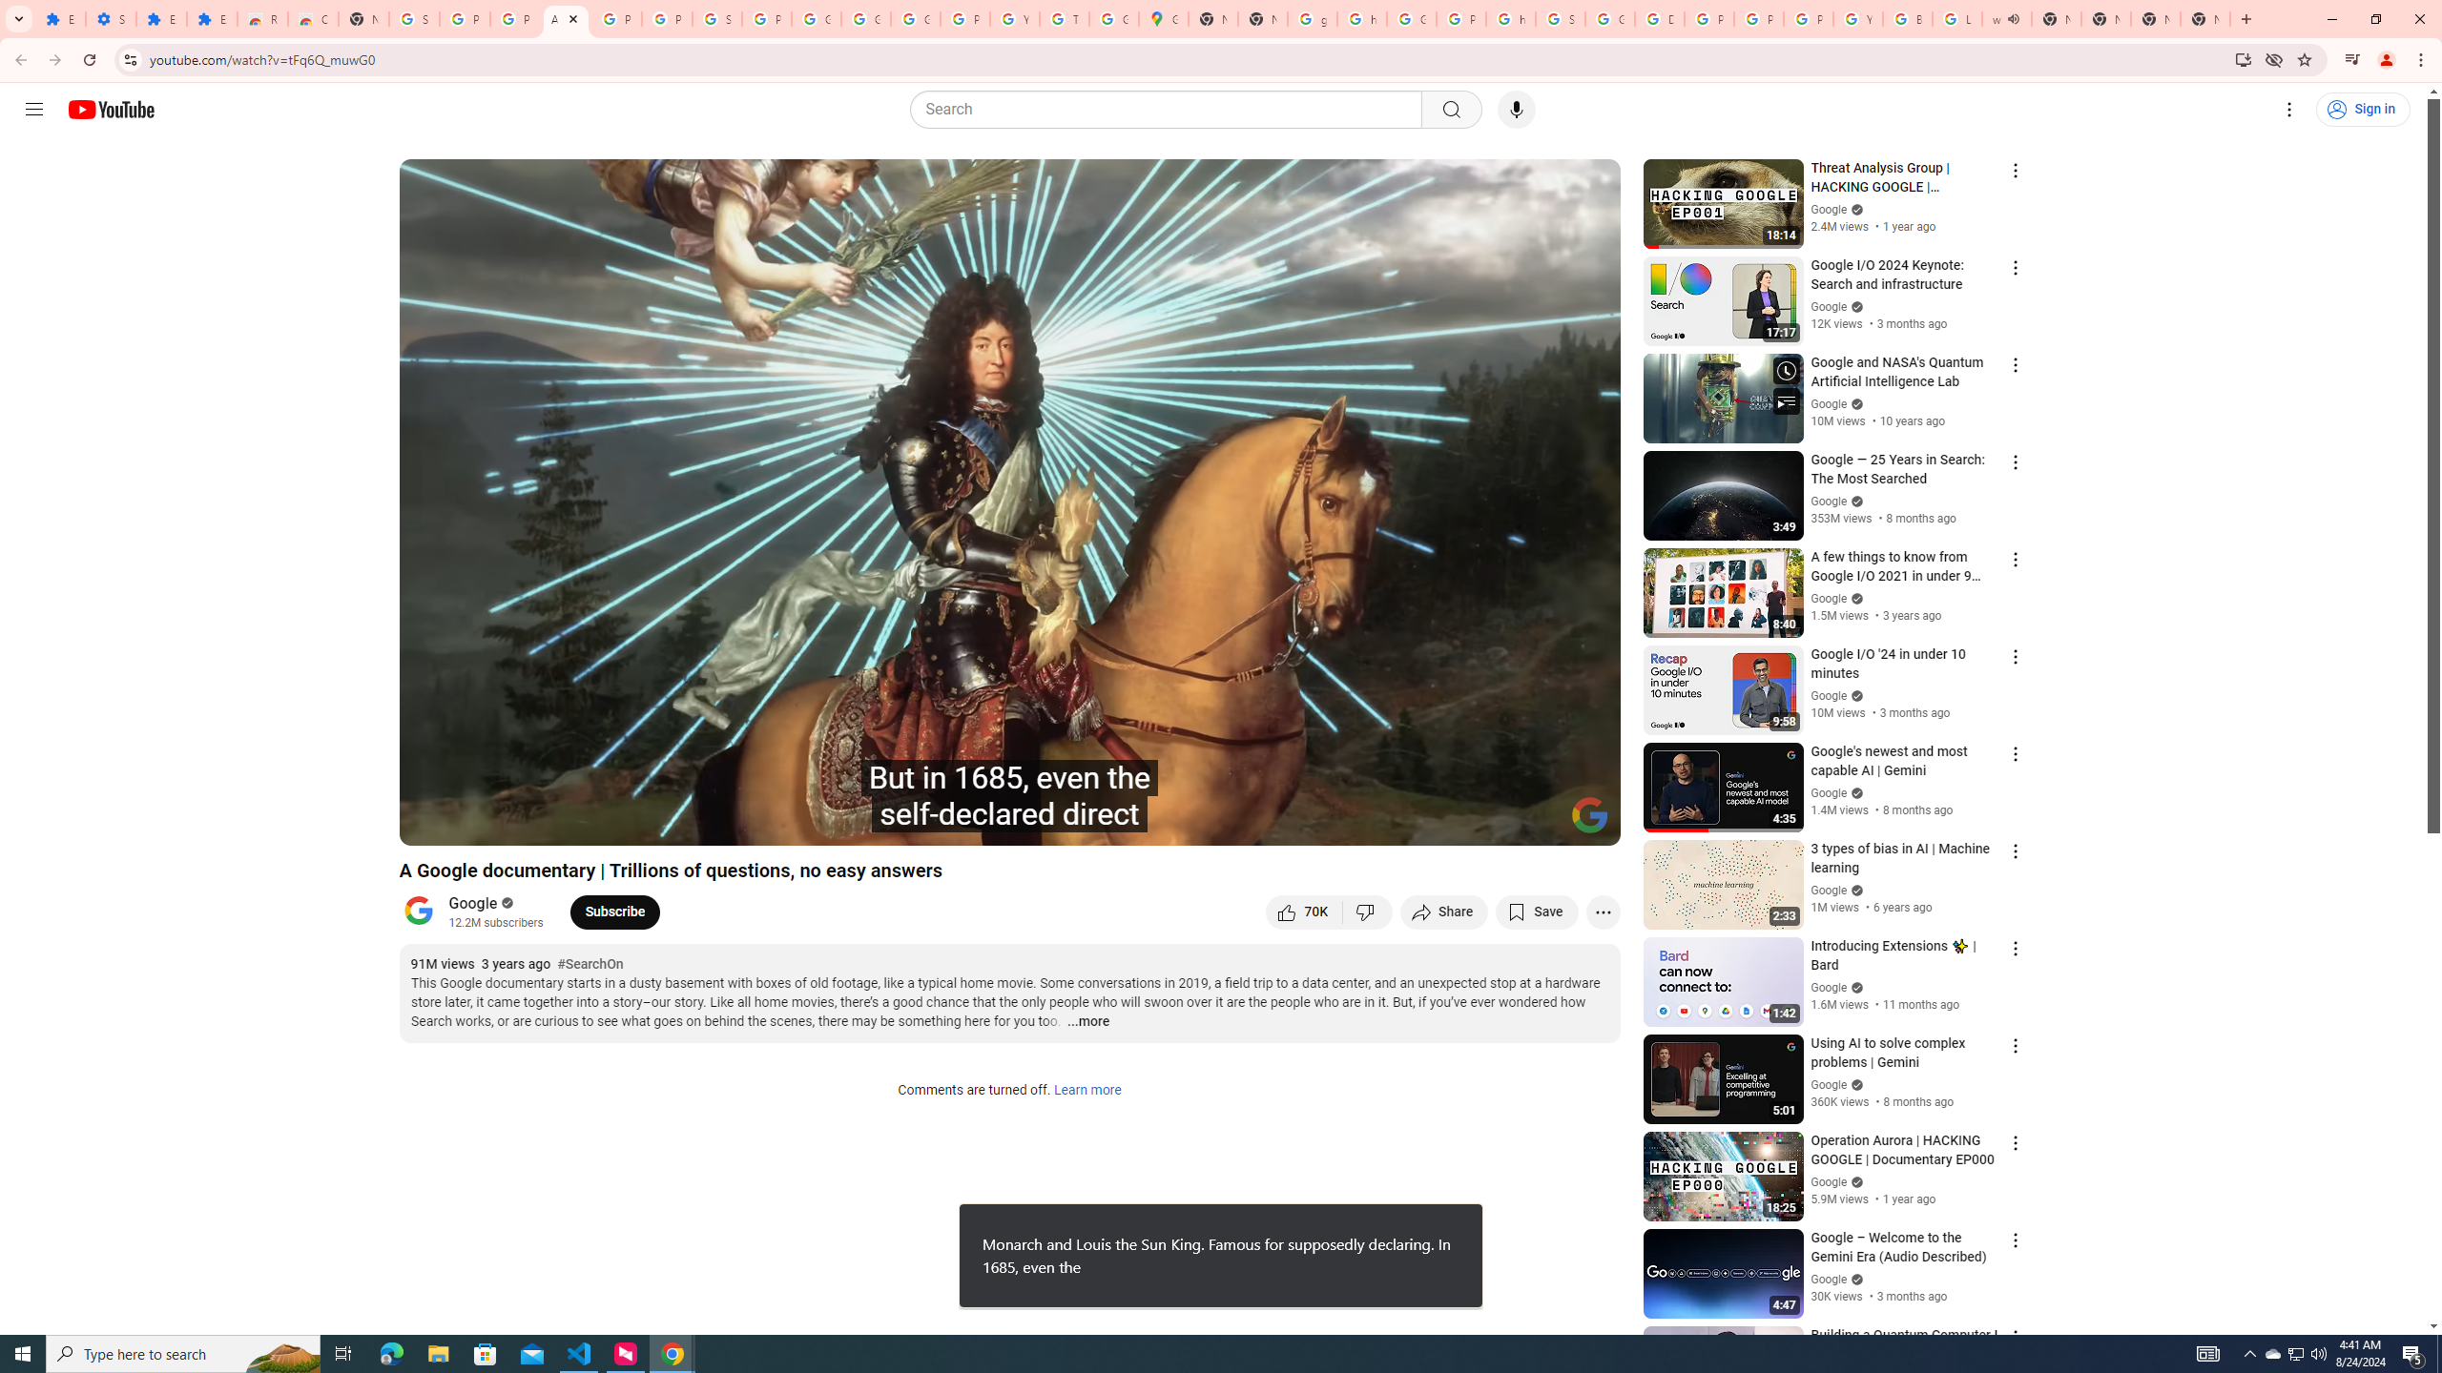 The height and width of the screenshot is (1373, 2442). Describe the element at coordinates (1443, 911) in the screenshot. I see `'Share'` at that location.